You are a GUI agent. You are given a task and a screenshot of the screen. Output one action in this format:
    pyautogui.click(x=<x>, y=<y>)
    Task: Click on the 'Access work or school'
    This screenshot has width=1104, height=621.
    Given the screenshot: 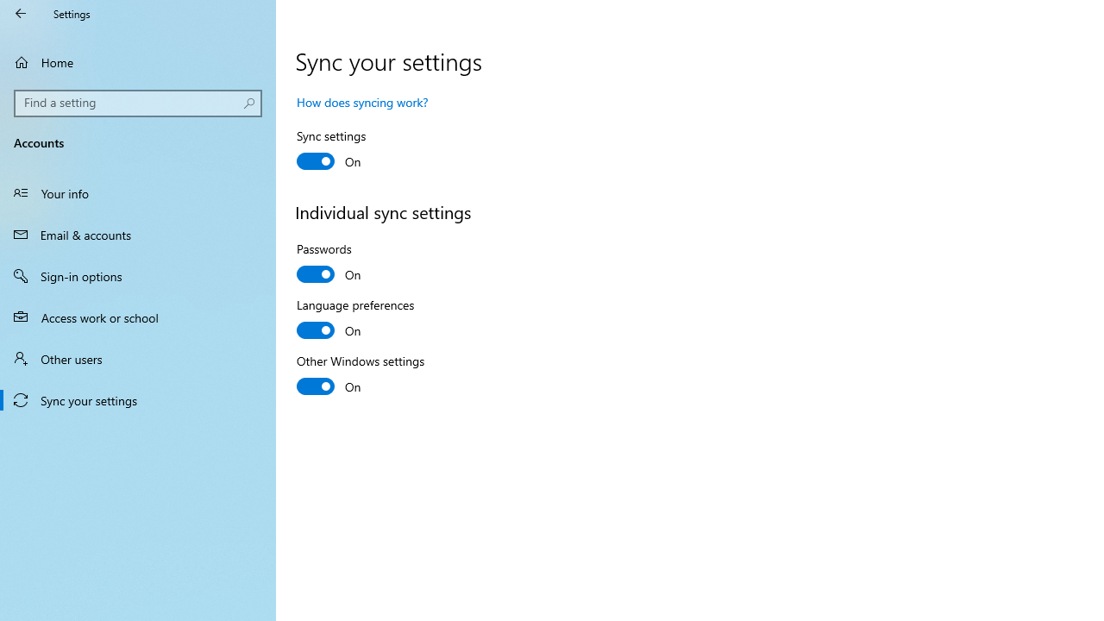 What is the action you would take?
    pyautogui.click(x=138, y=317)
    